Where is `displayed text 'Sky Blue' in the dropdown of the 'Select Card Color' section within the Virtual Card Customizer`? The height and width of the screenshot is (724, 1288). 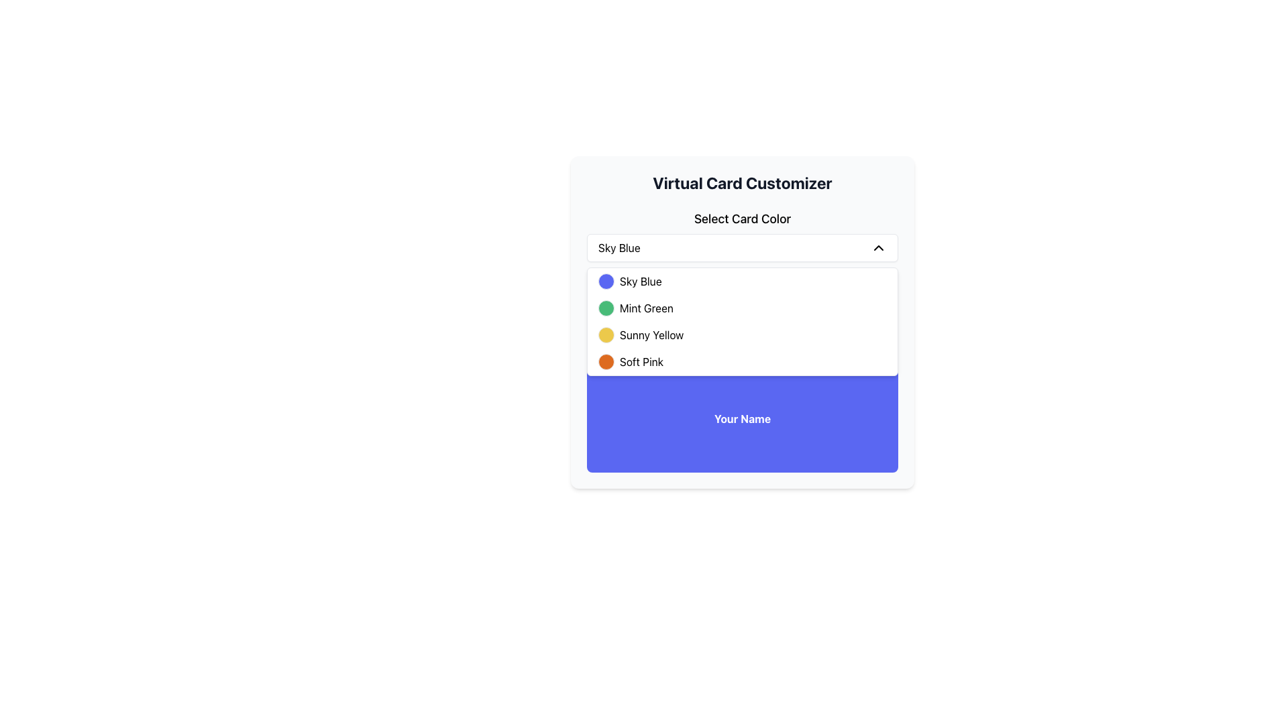
displayed text 'Sky Blue' in the dropdown of the 'Select Card Color' section within the Virtual Card Customizer is located at coordinates (619, 248).